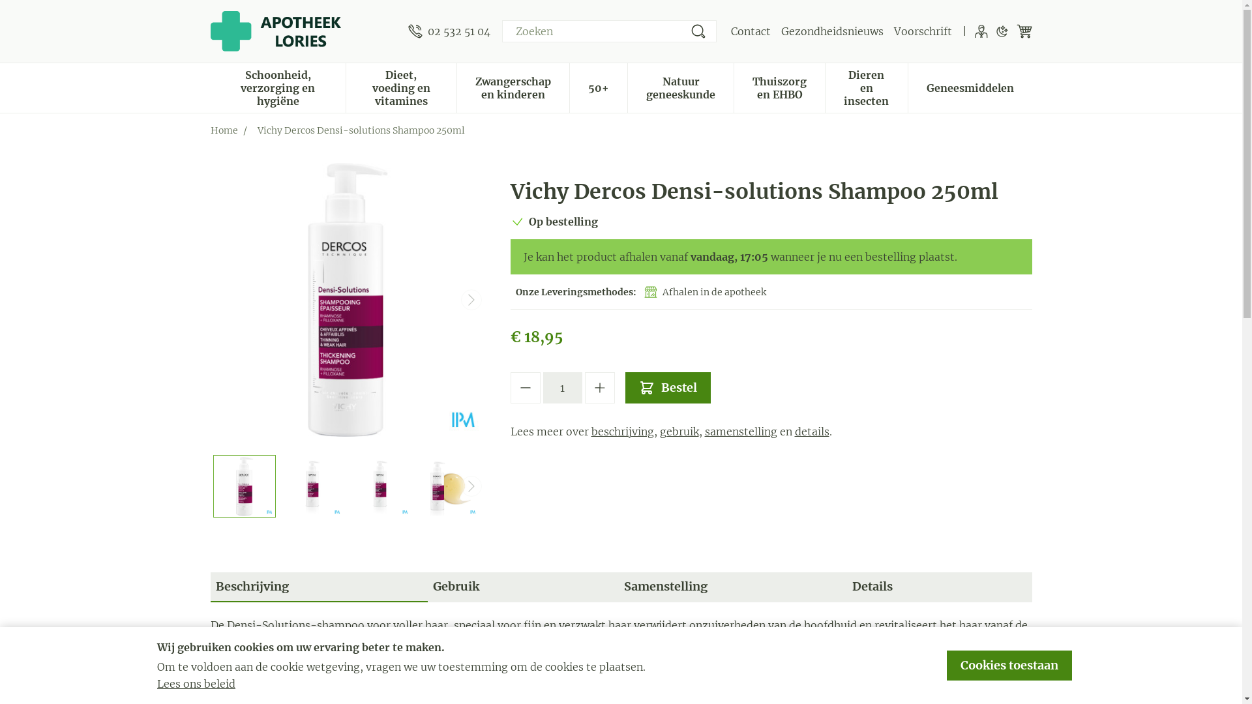 This screenshot has height=704, width=1252. I want to click on 'Zwangerschap en kinderen', so click(513, 86).